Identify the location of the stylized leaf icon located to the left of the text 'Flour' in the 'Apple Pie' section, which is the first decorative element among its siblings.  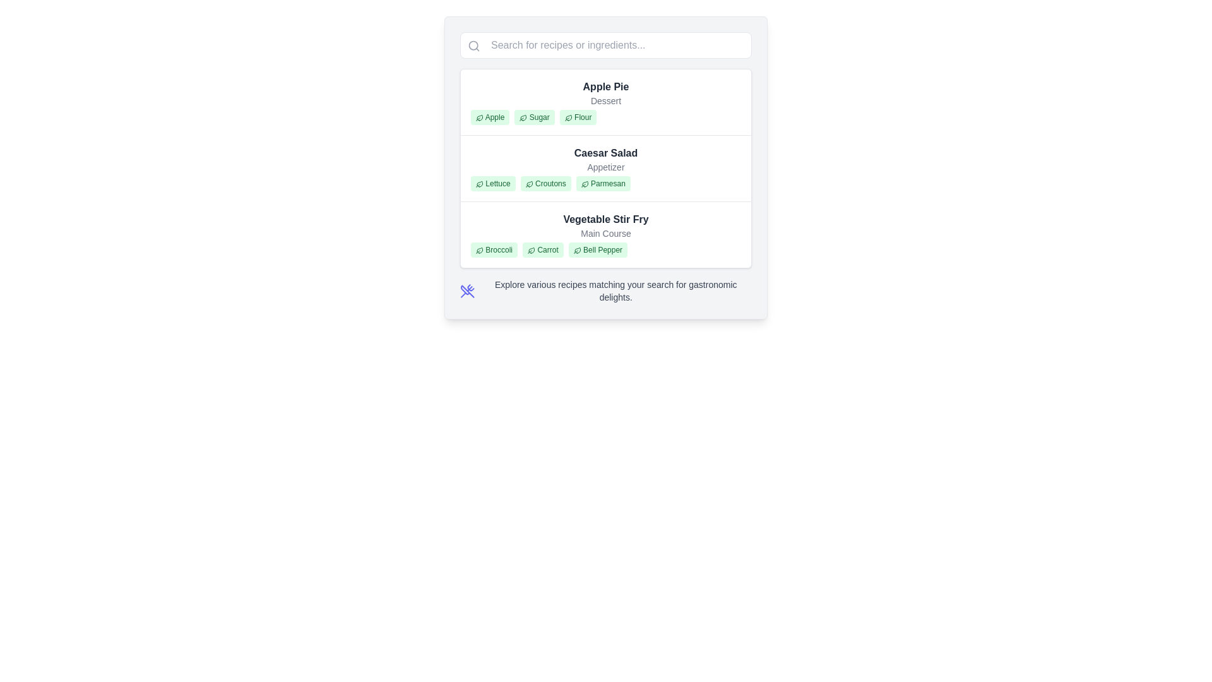
(568, 117).